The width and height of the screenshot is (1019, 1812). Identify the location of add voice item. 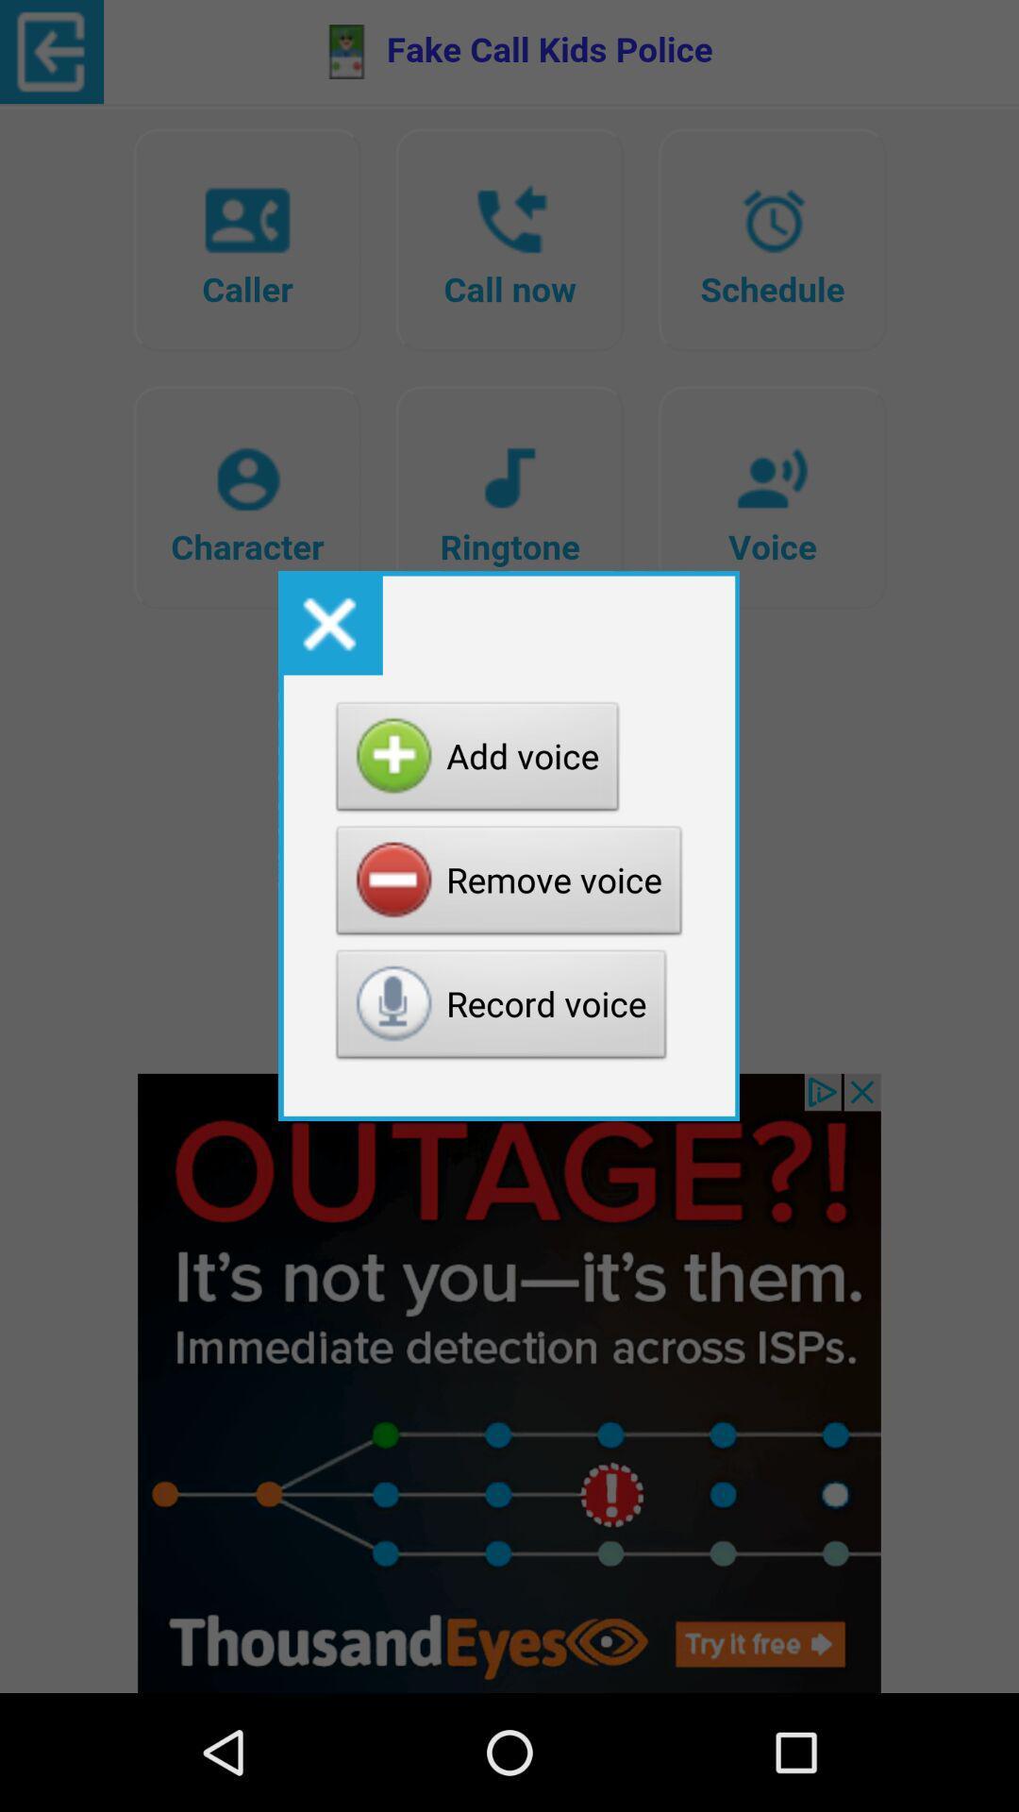
(476, 762).